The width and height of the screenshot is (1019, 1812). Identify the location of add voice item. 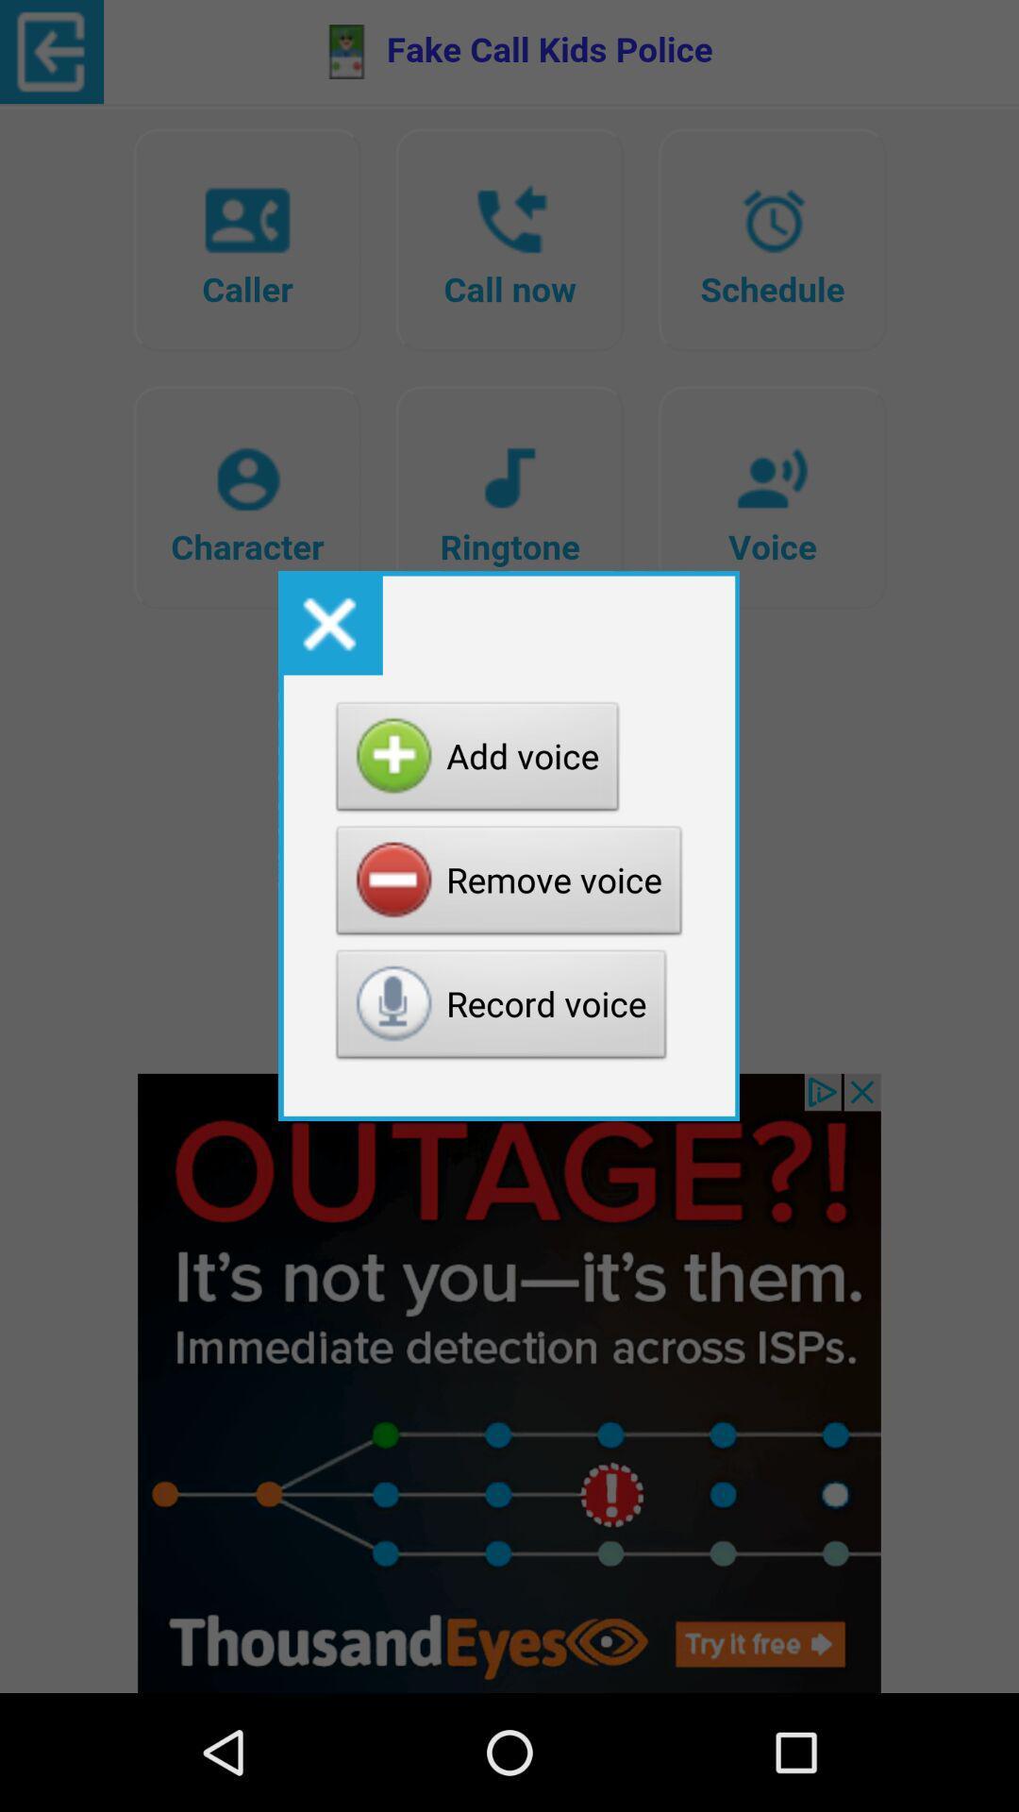
(476, 762).